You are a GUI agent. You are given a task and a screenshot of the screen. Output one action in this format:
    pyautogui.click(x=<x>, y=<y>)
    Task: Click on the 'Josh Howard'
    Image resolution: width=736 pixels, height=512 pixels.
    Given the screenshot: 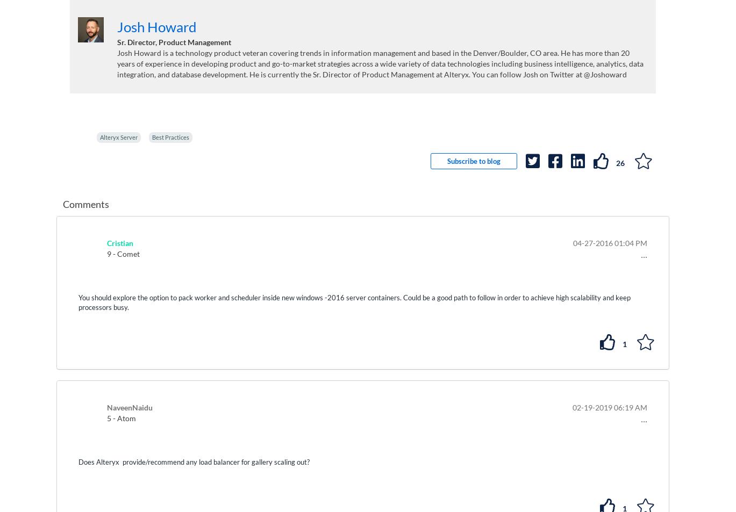 What is the action you would take?
    pyautogui.click(x=156, y=25)
    